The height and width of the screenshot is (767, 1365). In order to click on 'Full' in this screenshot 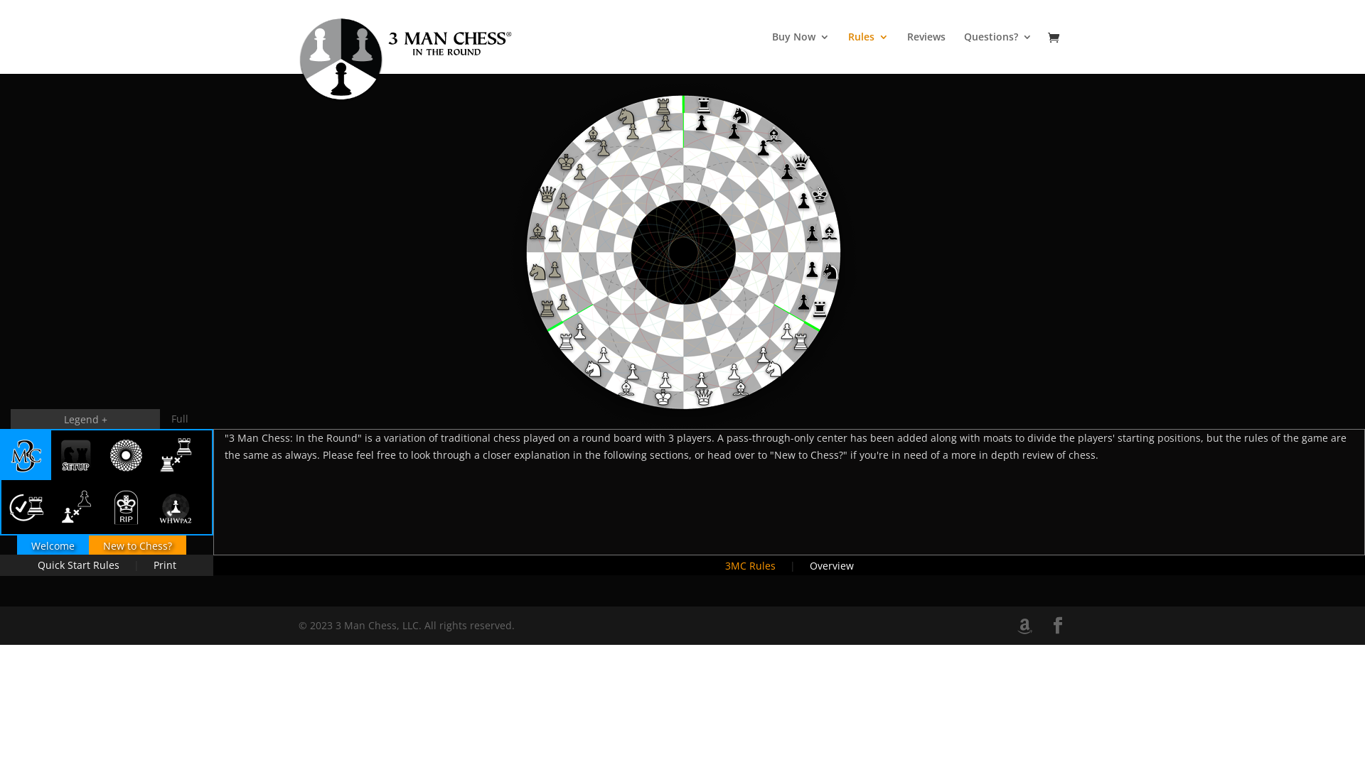, I will do `click(179, 418)`.